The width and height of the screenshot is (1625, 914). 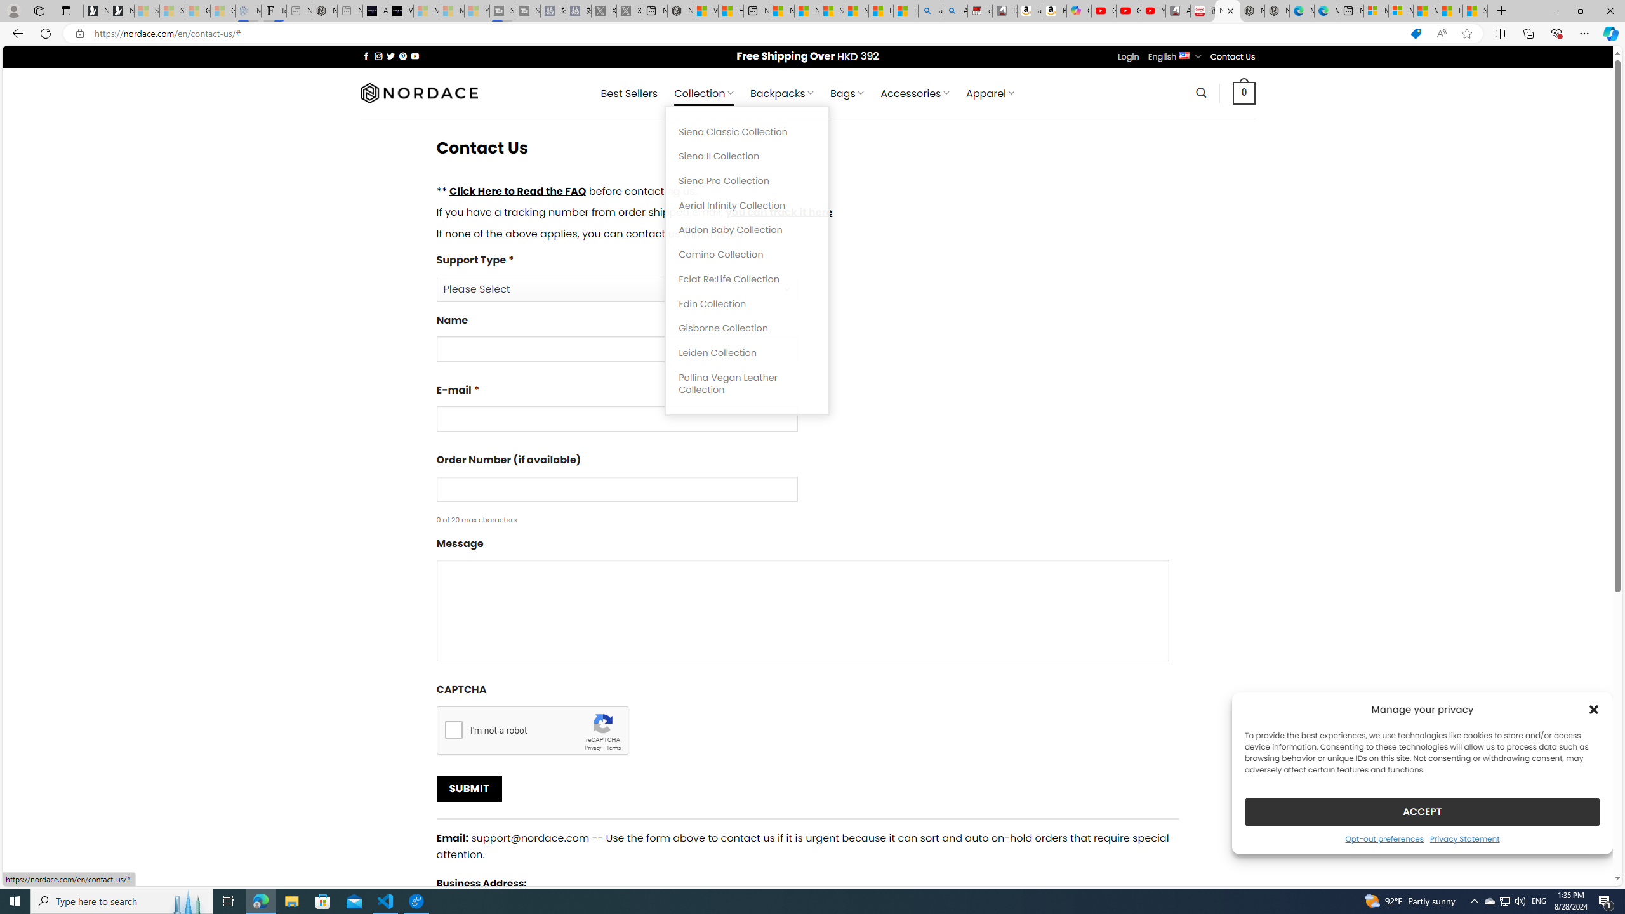 I want to click on 'Gisborne Collection', so click(x=747, y=328).